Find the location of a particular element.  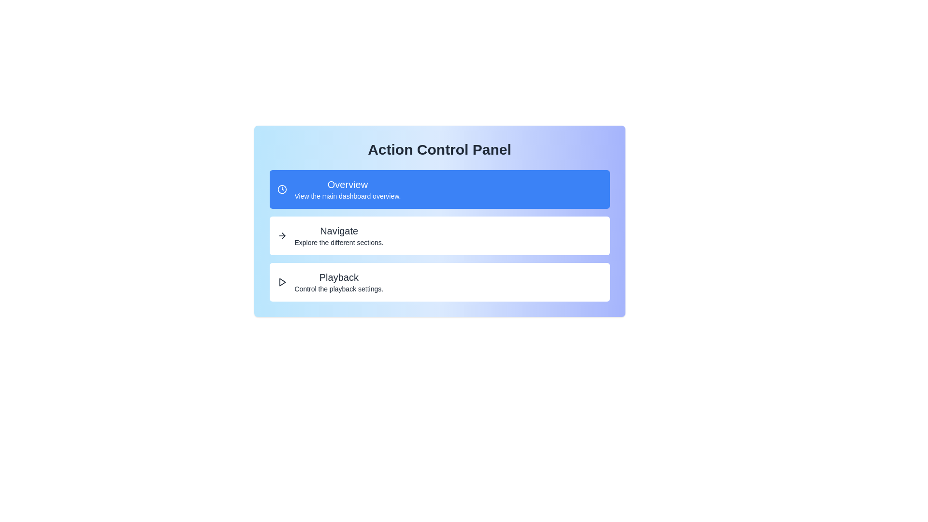

the 'Overview' text display, which is the first item is located at coordinates (348, 189).